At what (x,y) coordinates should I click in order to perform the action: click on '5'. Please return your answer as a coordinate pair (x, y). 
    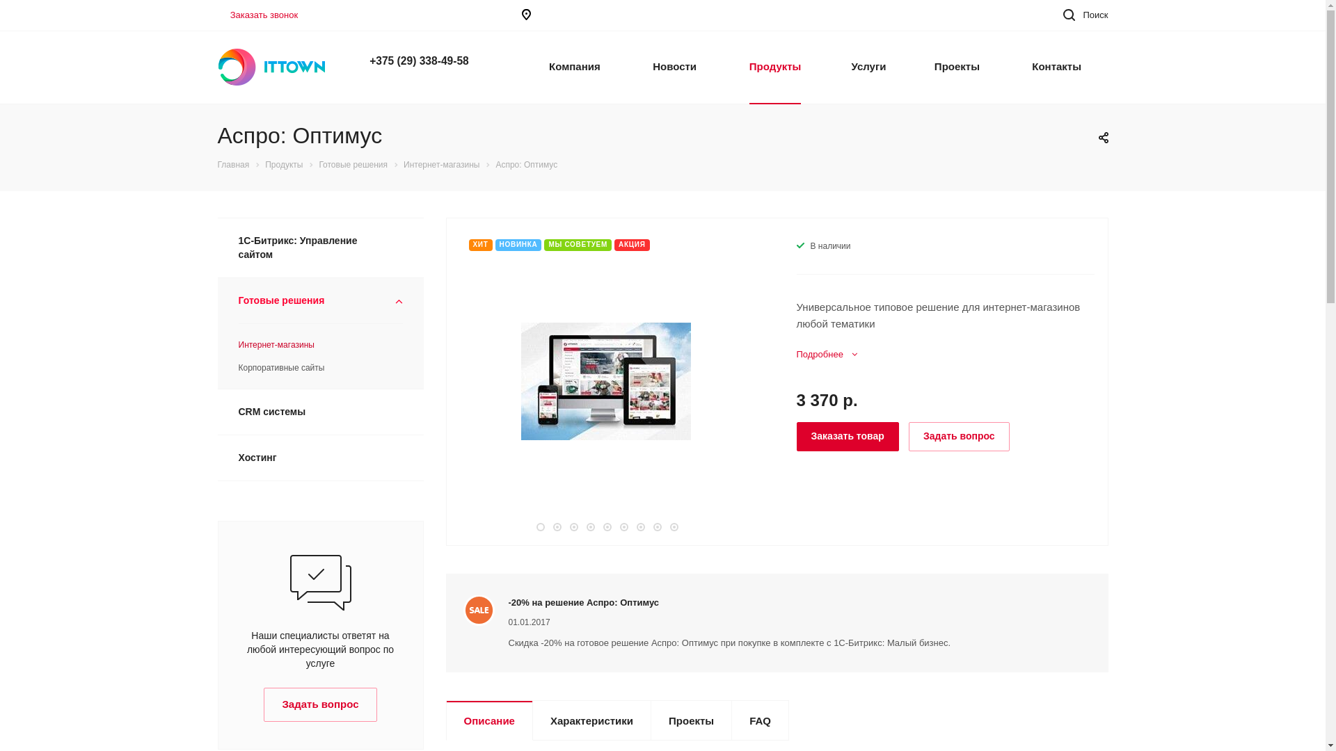
    Looking at the image, I should click on (607, 527).